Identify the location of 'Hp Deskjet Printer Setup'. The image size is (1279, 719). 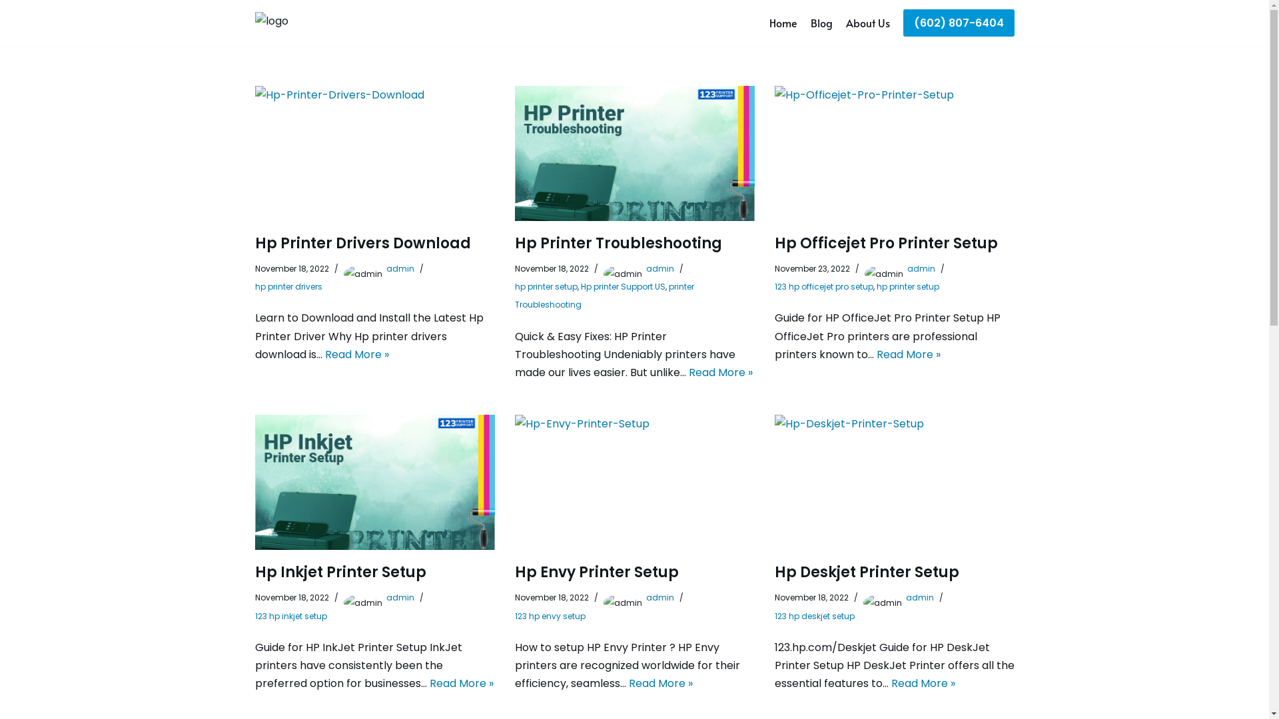
(866, 571).